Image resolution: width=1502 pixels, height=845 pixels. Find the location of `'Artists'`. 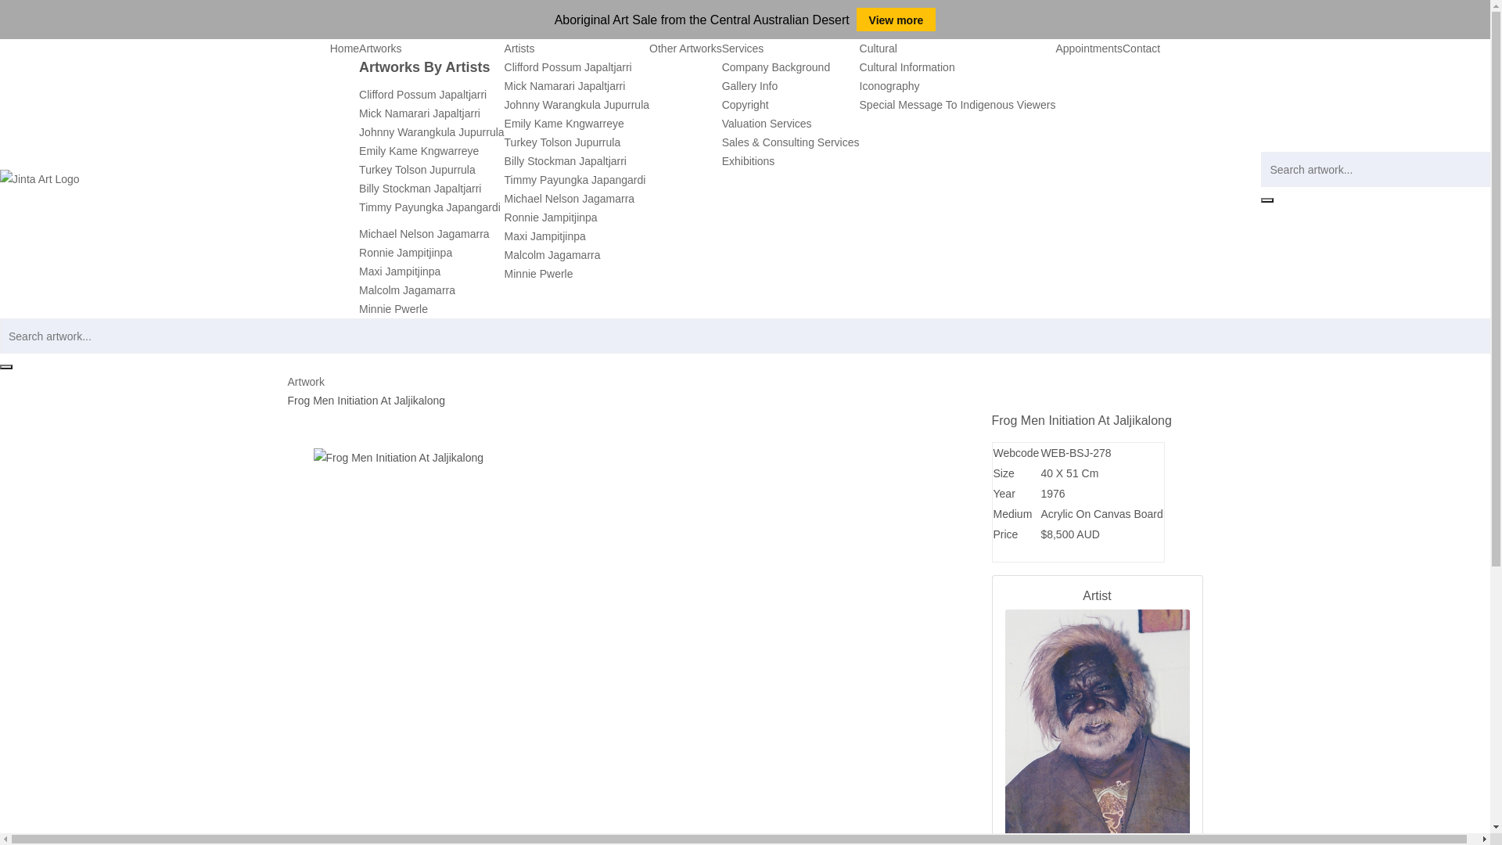

'Artists' is located at coordinates (519, 47).